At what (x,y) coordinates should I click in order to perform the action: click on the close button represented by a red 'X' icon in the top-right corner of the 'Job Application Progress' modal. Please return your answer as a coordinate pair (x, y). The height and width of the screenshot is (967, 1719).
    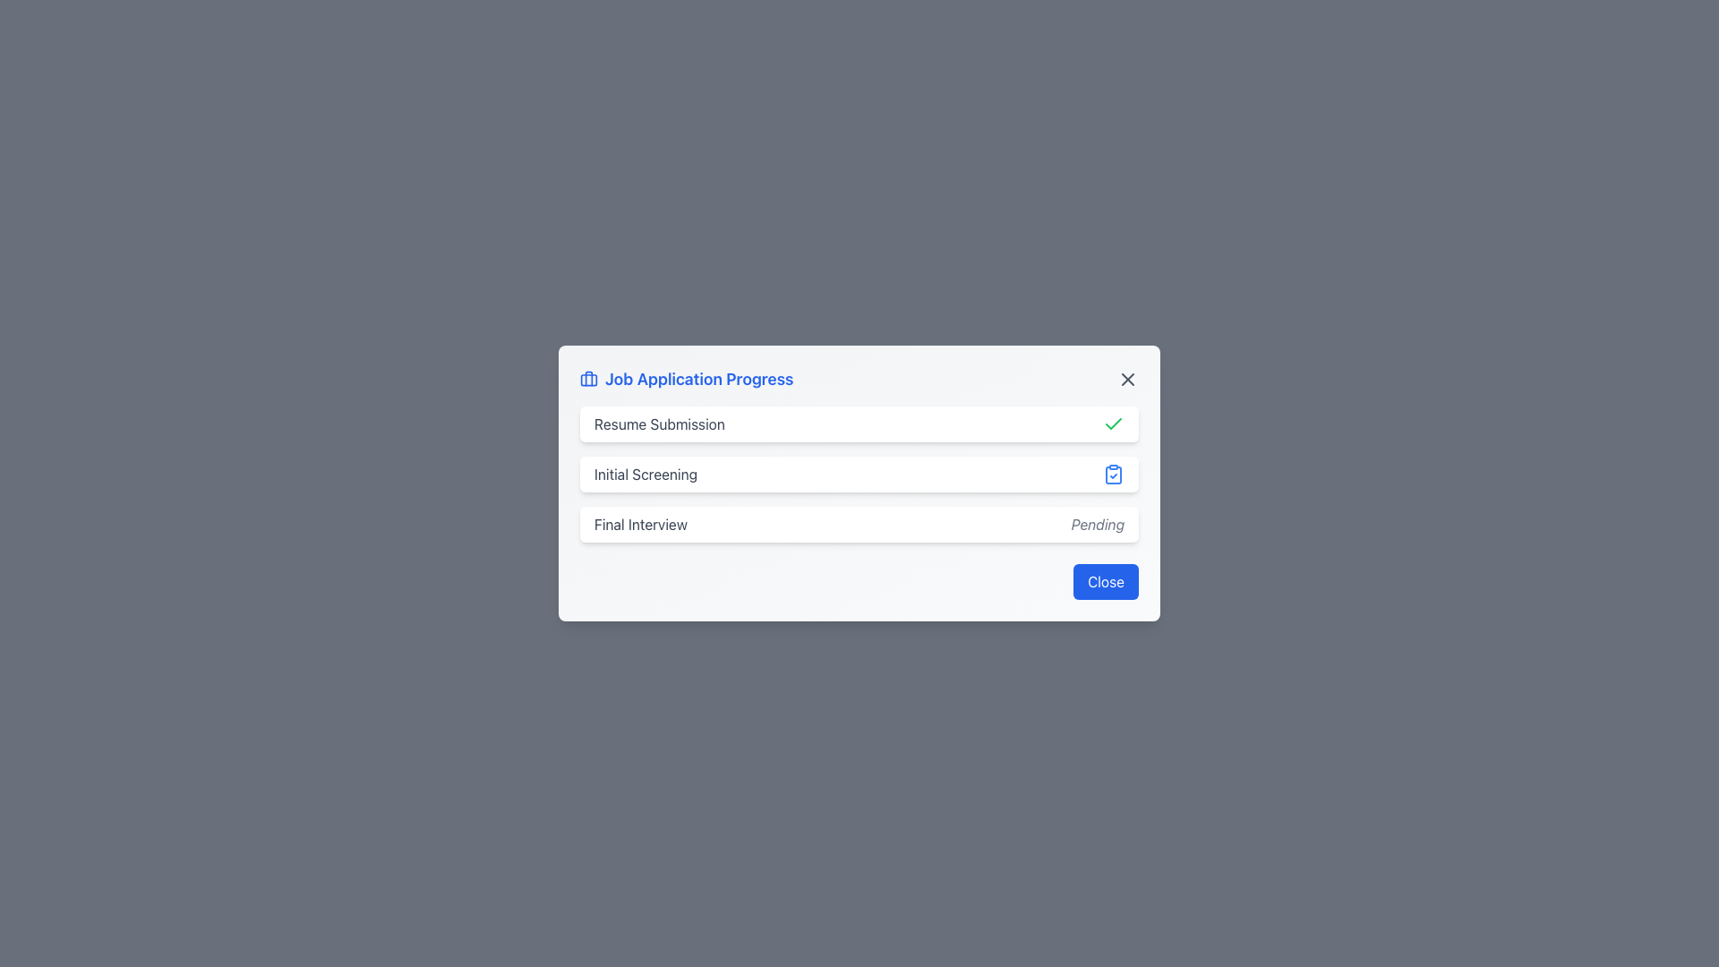
    Looking at the image, I should click on (1126, 379).